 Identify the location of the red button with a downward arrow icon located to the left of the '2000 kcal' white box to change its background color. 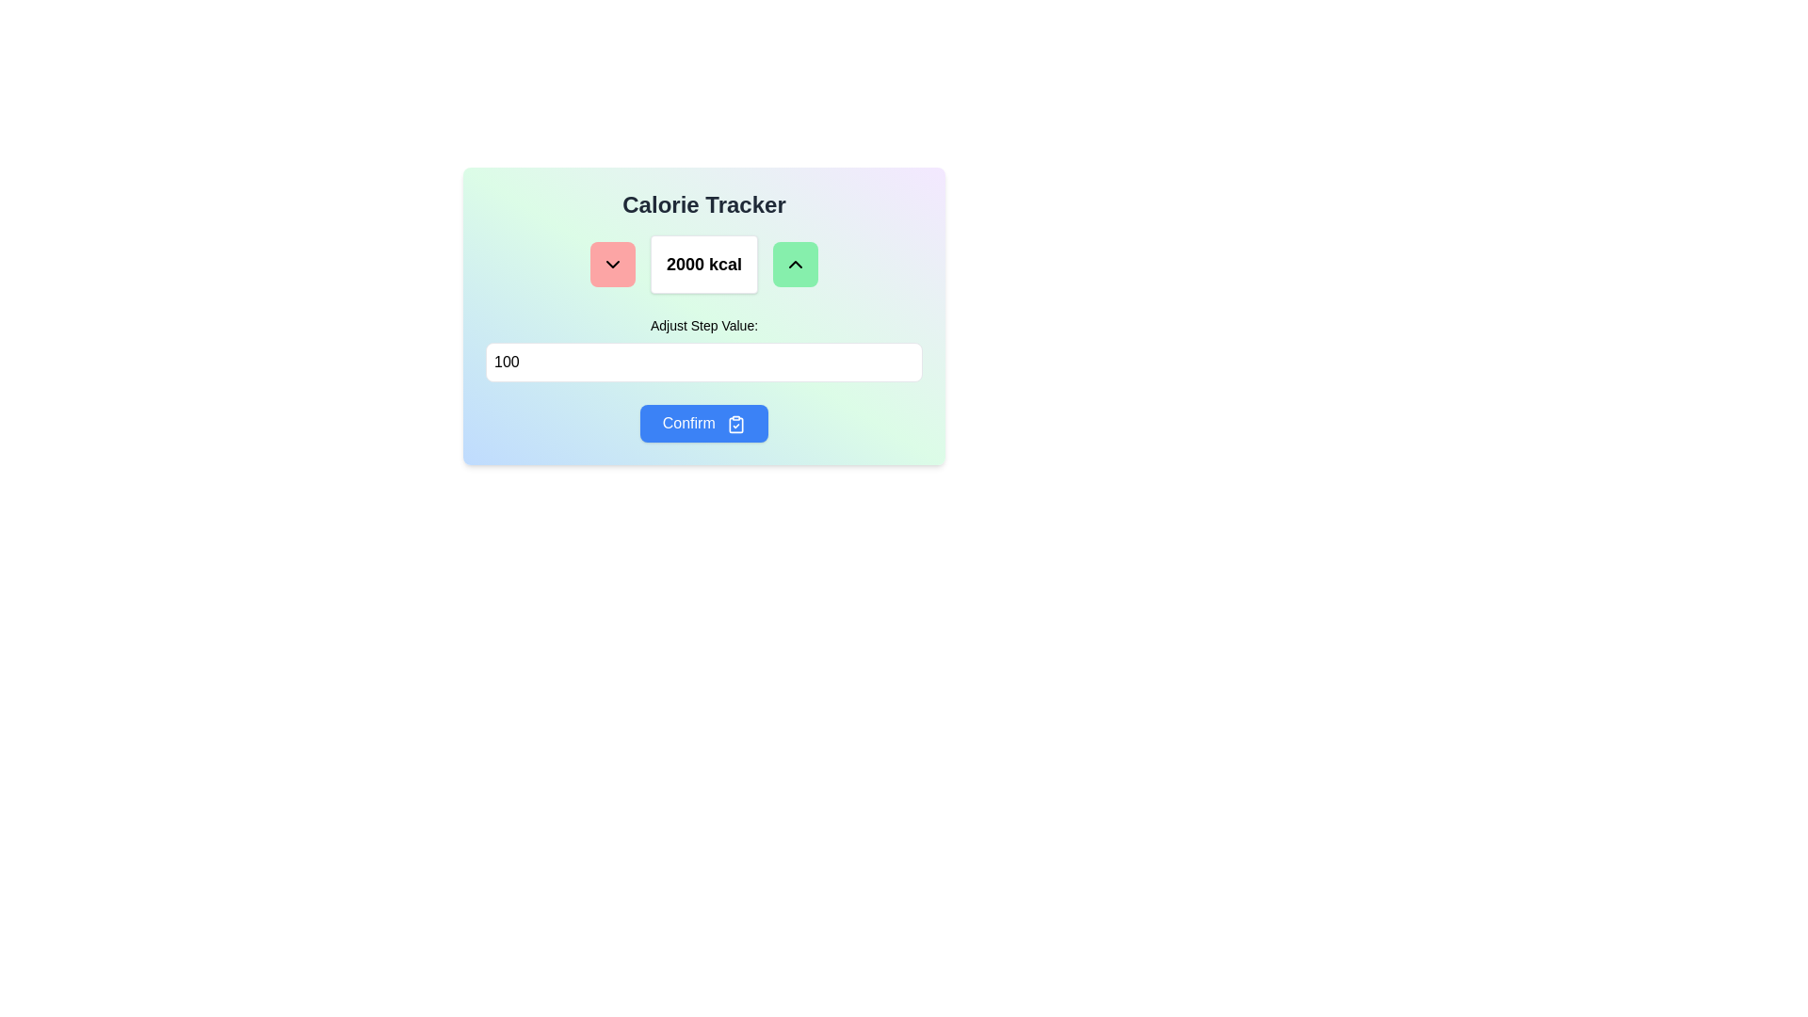
(612, 265).